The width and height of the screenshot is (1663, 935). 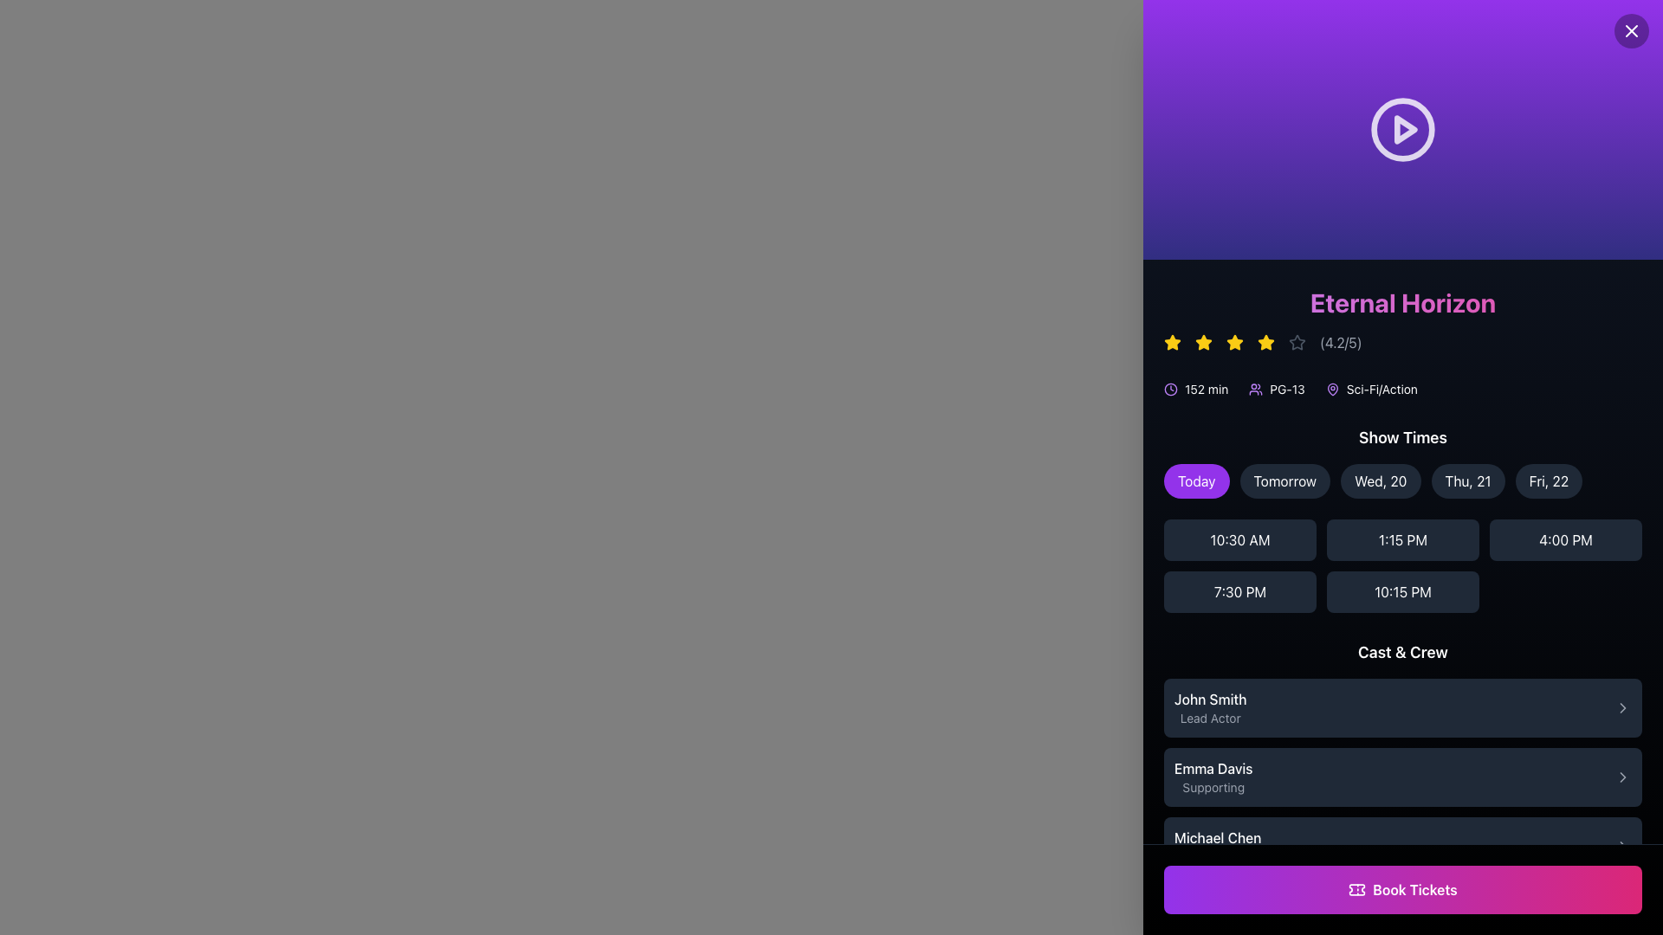 What do you see at coordinates (1381, 390) in the screenshot?
I see `the 'Sci-Fi/Action' label, which is a text label styled in a sans-serif font with white color on a dark background, located in the top-right quadrant of the interface` at bounding box center [1381, 390].